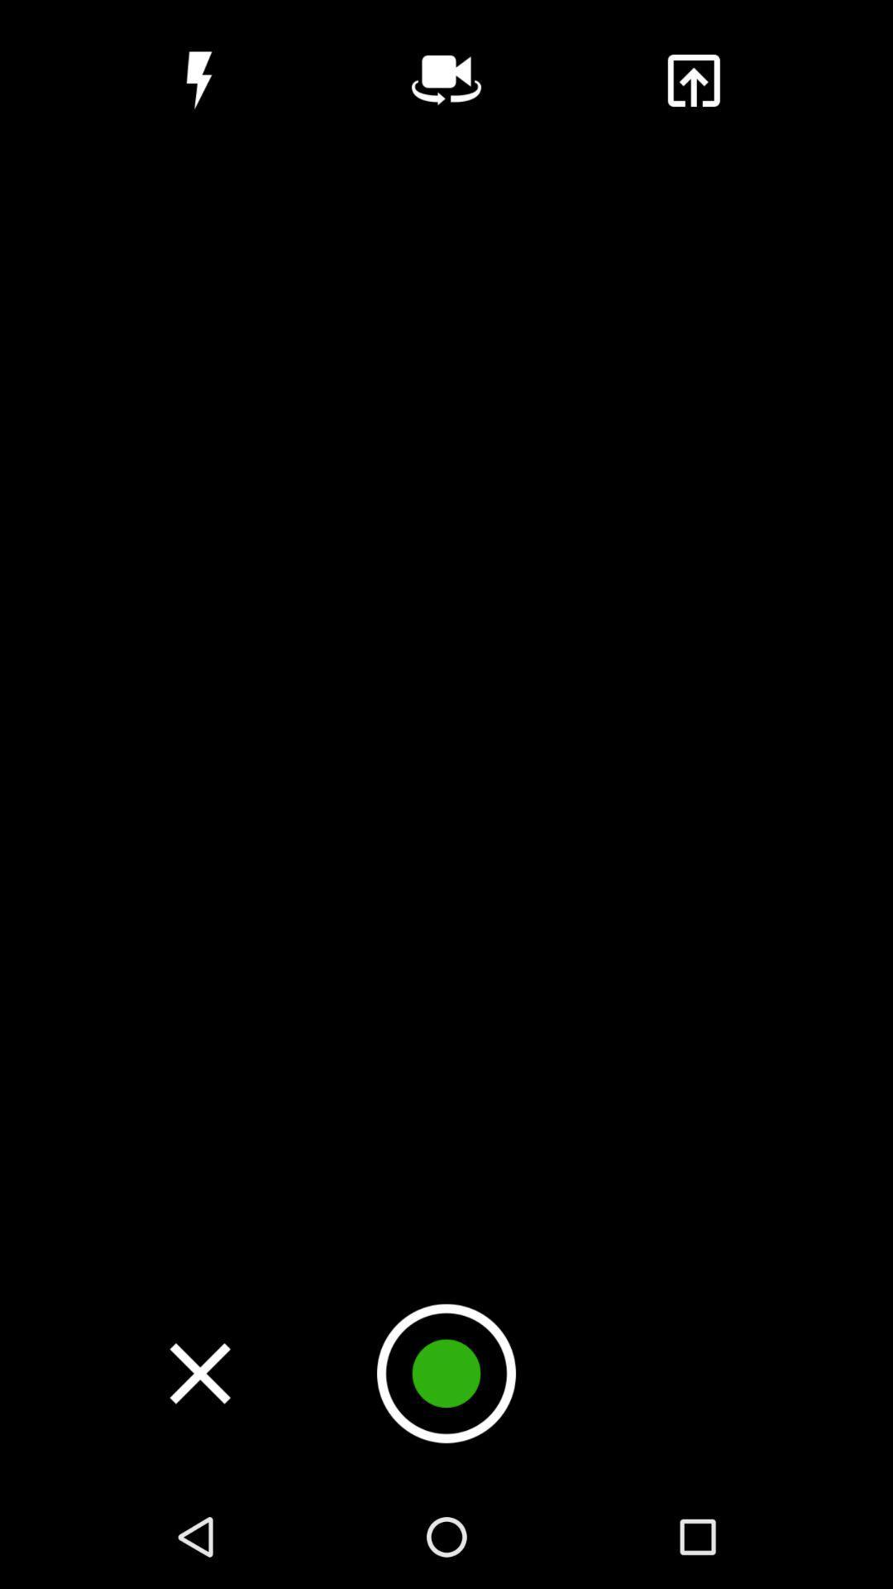 The image size is (893, 1589). What do you see at coordinates (199, 1373) in the screenshot?
I see `close` at bounding box center [199, 1373].